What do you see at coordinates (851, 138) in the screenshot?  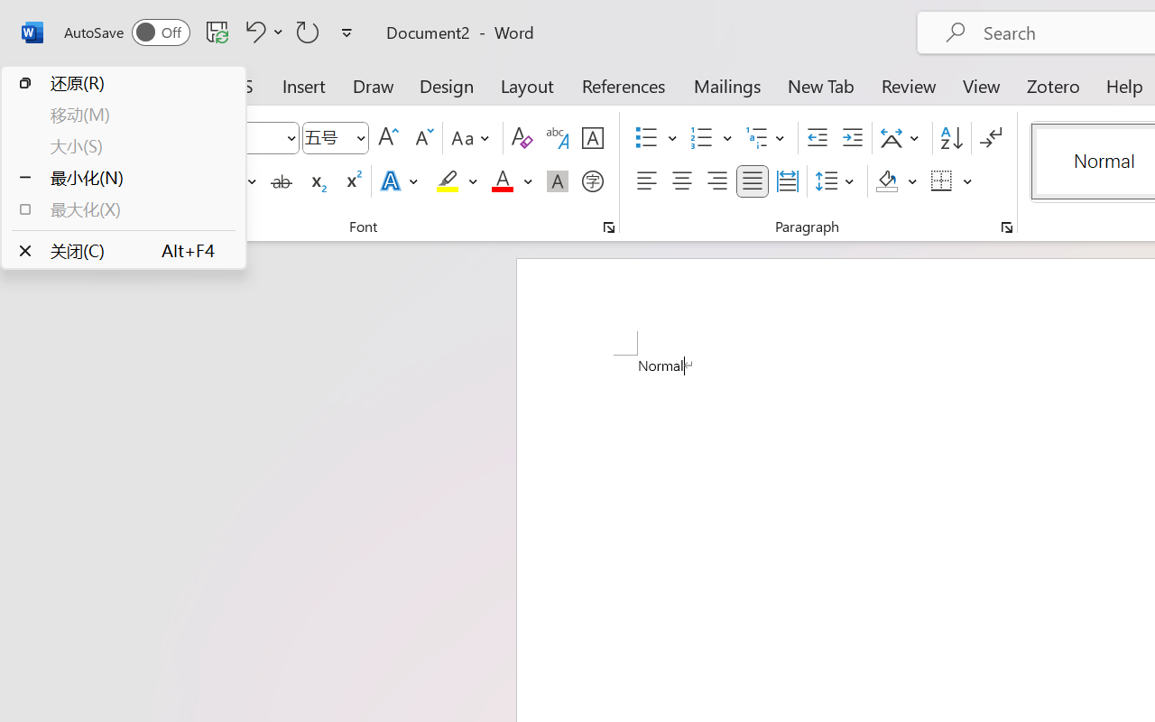 I see `'Increase Indent'` at bounding box center [851, 138].